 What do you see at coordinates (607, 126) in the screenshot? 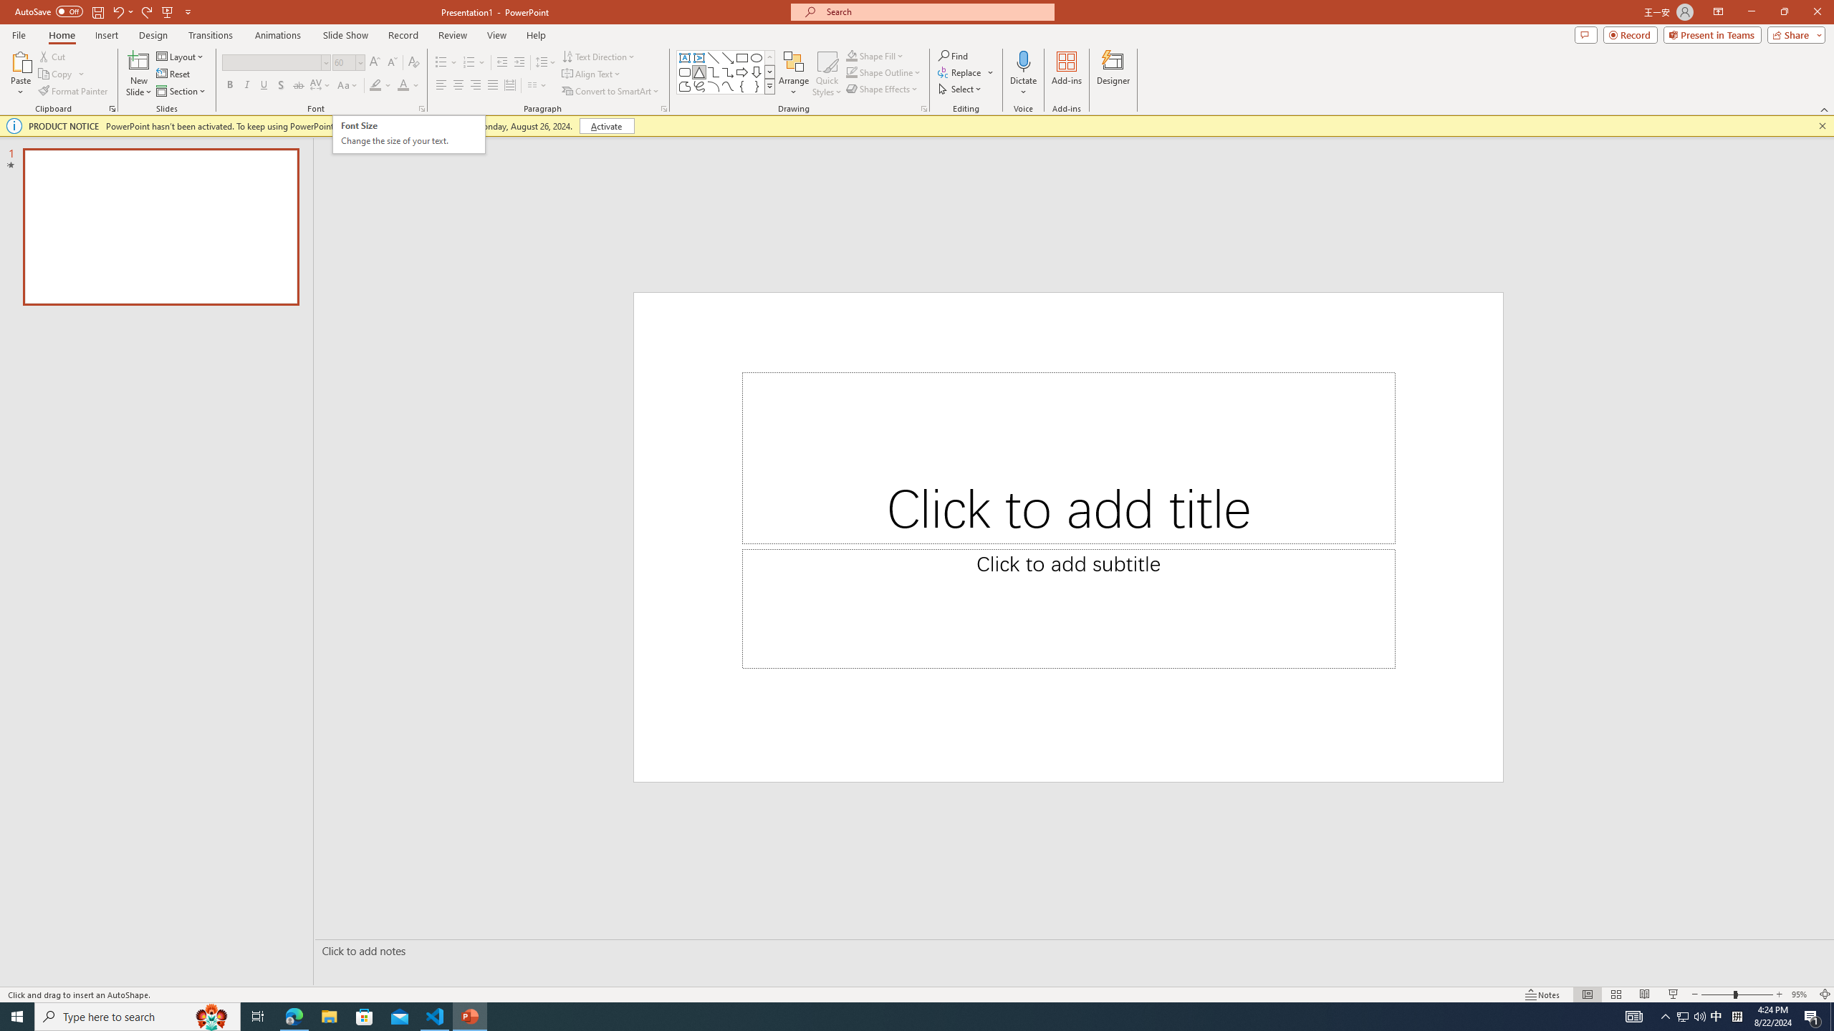
I see `'Activate'` at bounding box center [607, 126].